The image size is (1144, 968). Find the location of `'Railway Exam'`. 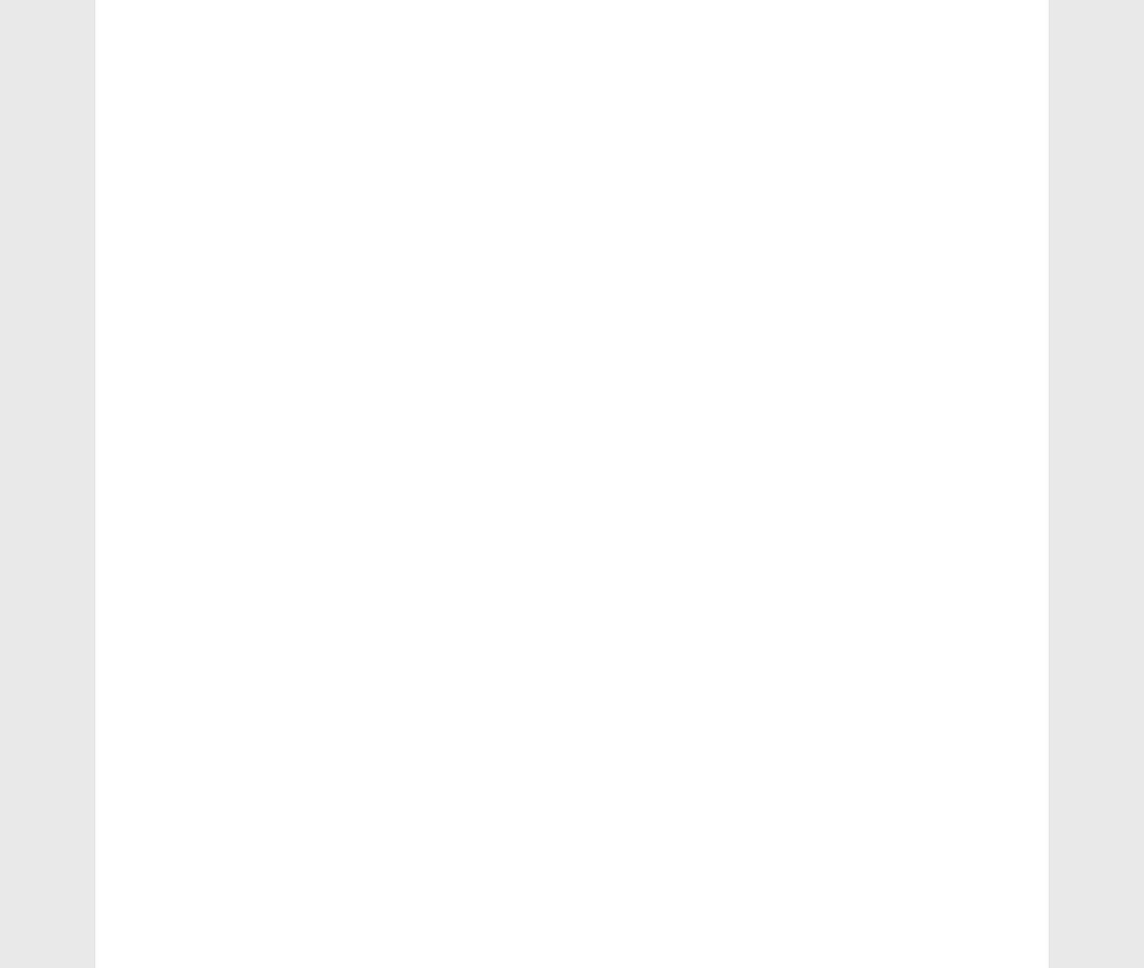

'Railway Exam' is located at coordinates (864, 591).